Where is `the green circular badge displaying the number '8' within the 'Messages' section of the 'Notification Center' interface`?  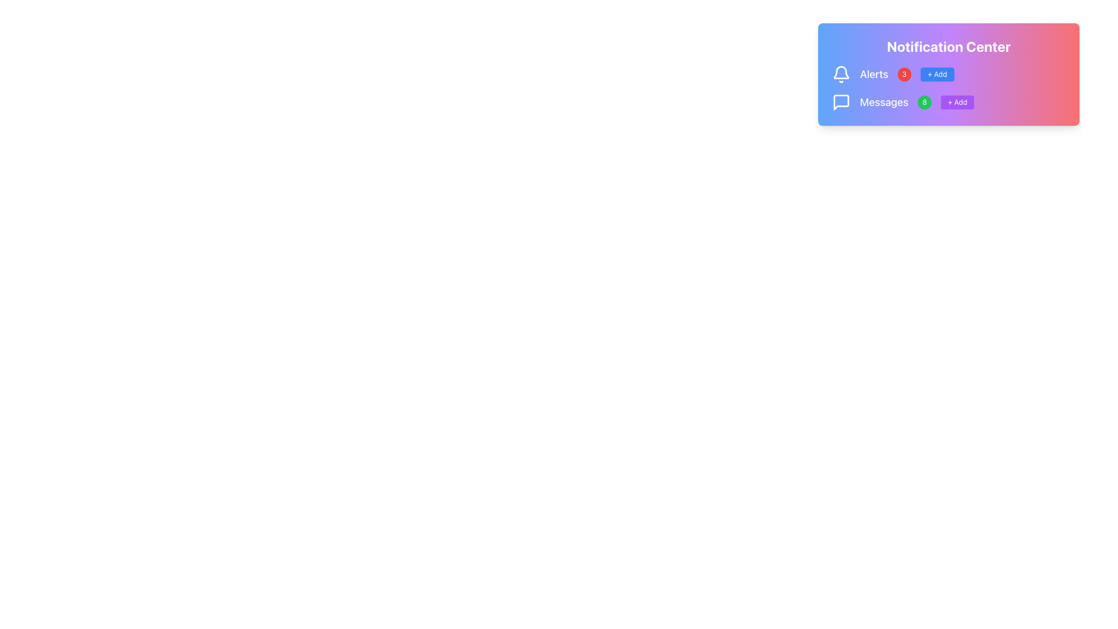 the green circular badge displaying the number '8' within the 'Messages' section of the 'Notification Center' interface is located at coordinates (924, 102).